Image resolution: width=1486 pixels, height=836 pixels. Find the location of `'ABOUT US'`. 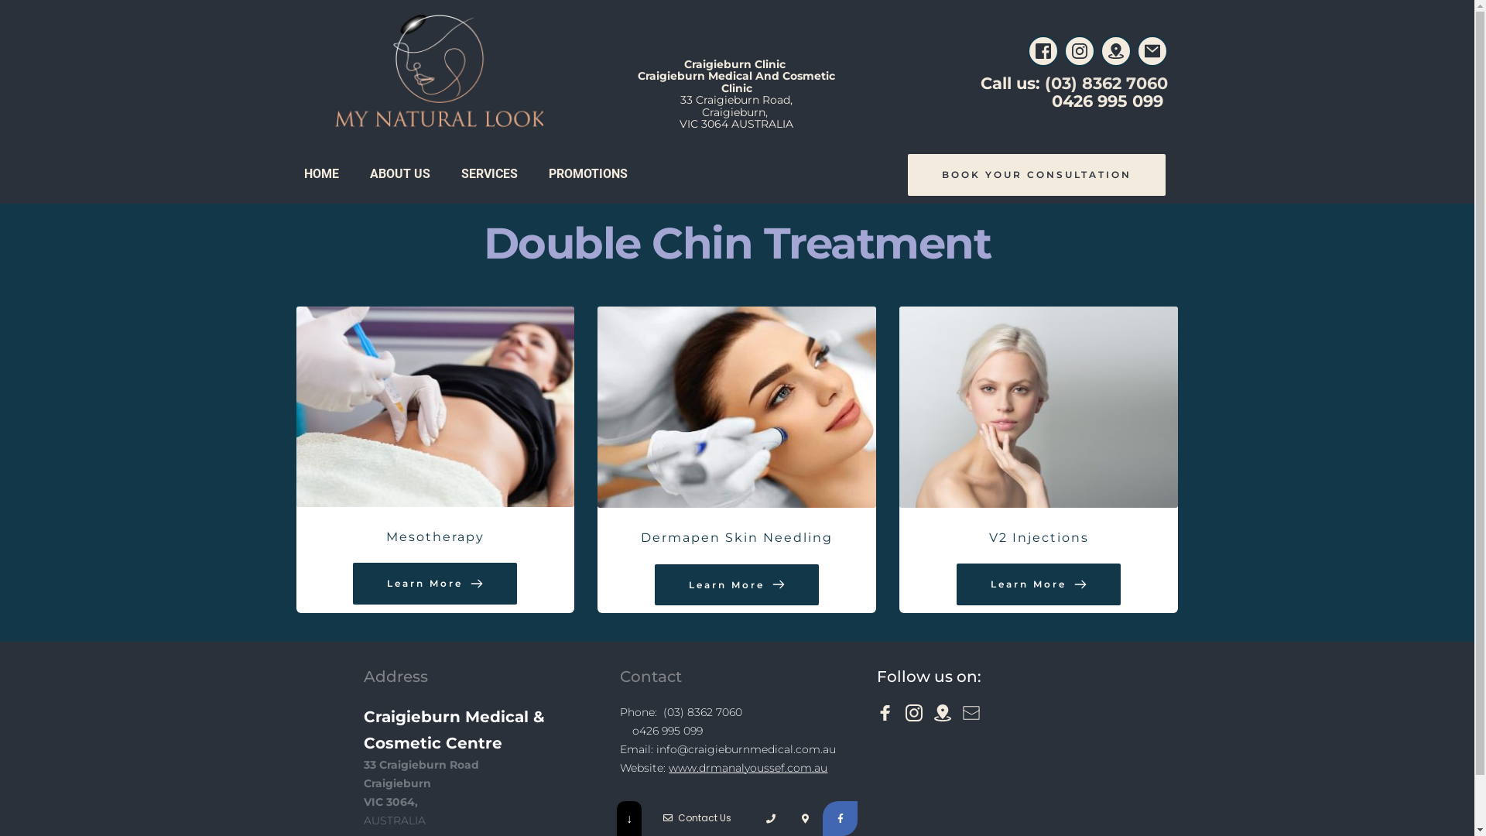

'ABOUT US' is located at coordinates (369, 173).